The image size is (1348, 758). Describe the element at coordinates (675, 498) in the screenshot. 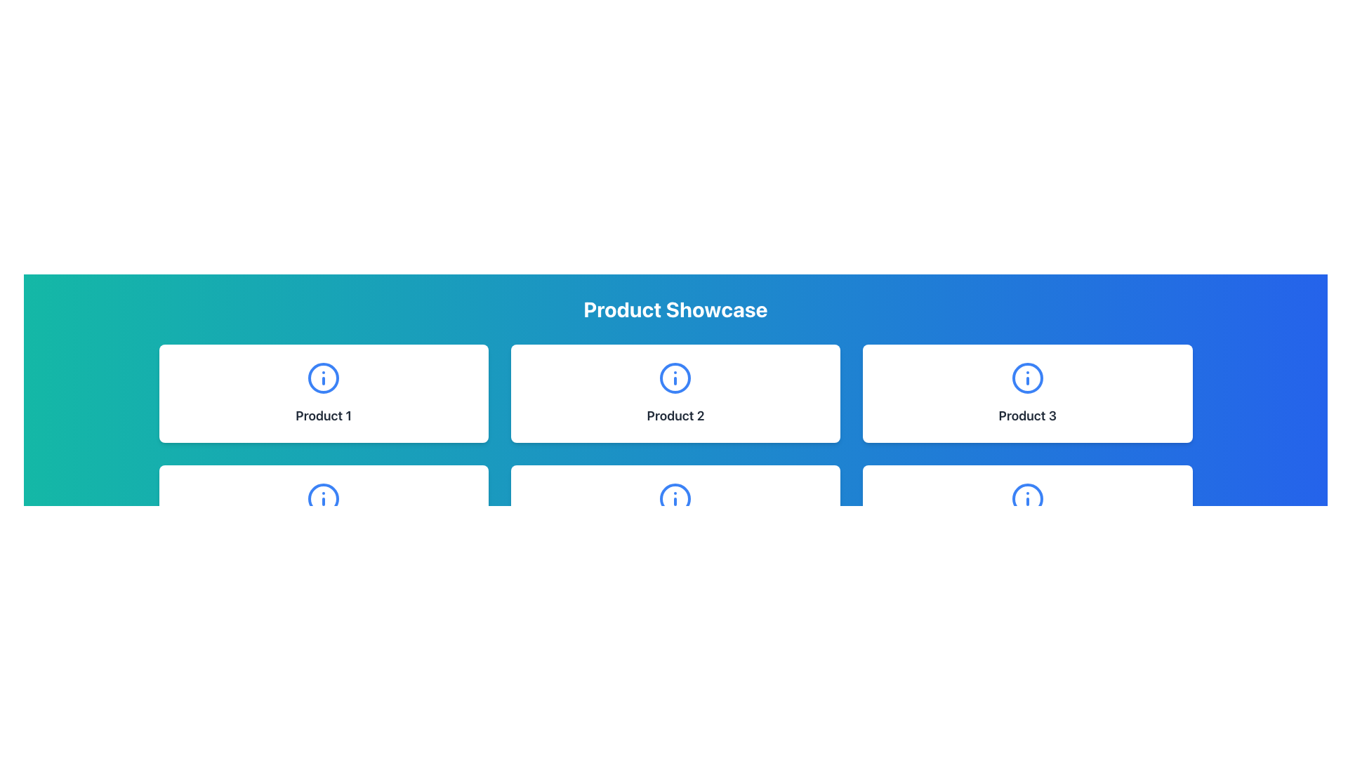

I see `the SVG circle background element of the information icon located within the bottom SVG icon in the second row of the 'Product Showcase' section, directly below the 'Product 2' card` at that location.